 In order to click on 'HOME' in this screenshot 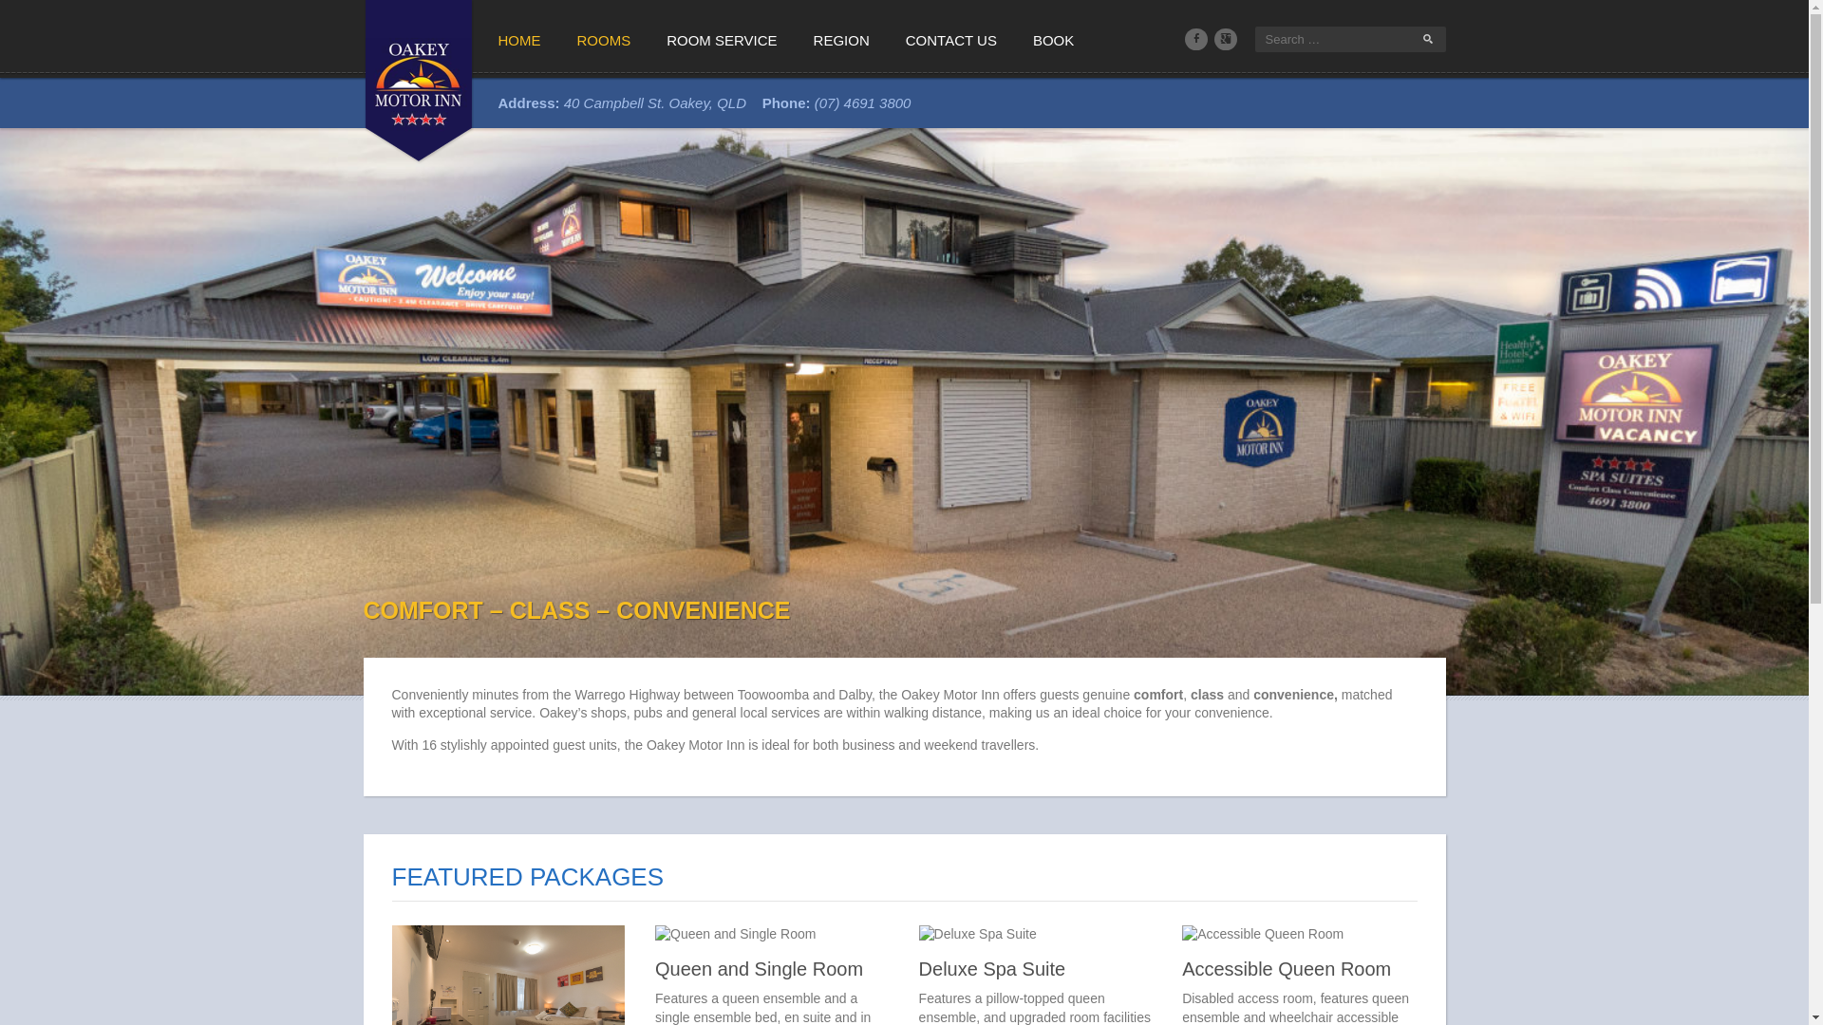, I will do `click(479, 39)`.